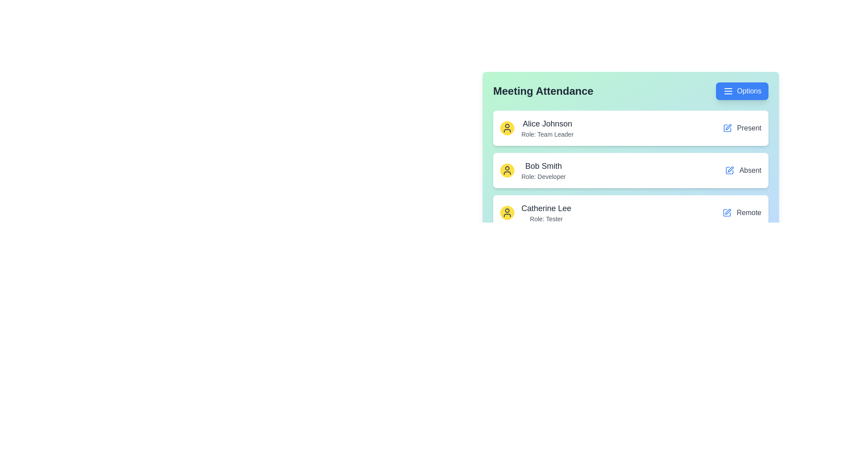  What do you see at coordinates (731, 169) in the screenshot?
I see `the action icon located at the center-right position of the layout` at bounding box center [731, 169].